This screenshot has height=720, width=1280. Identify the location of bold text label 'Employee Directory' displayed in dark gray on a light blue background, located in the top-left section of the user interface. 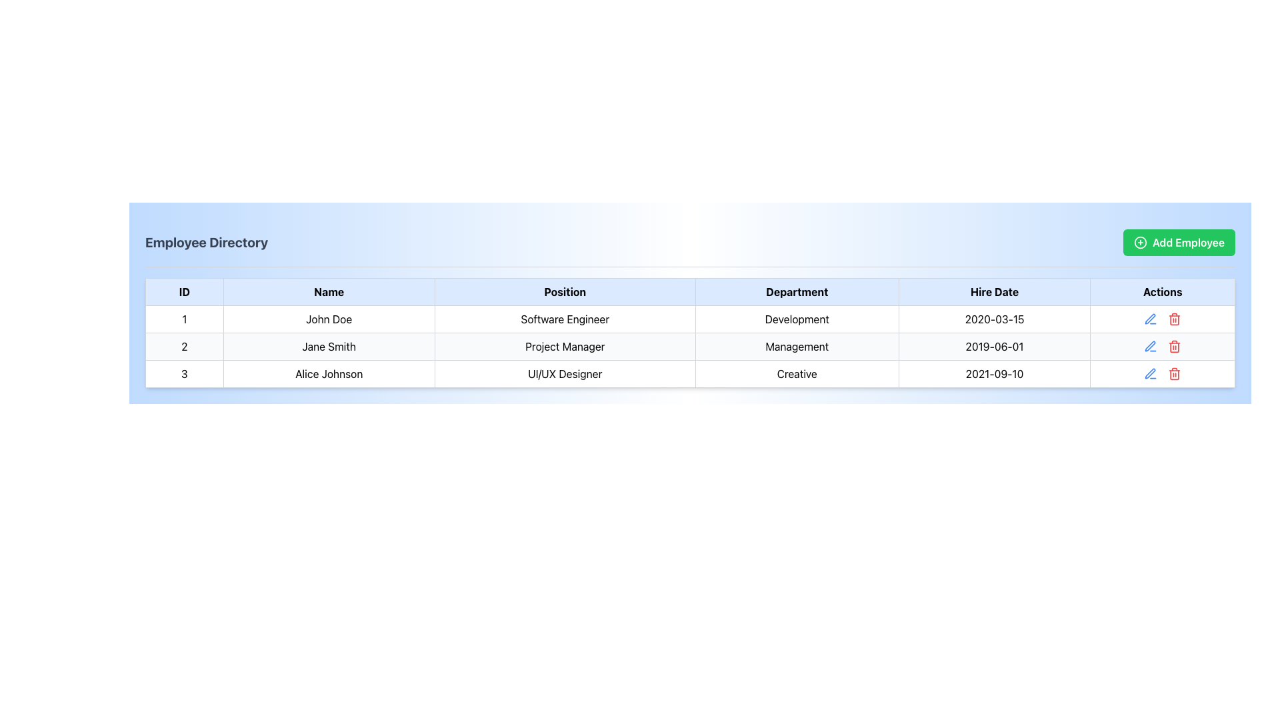
(206, 242).